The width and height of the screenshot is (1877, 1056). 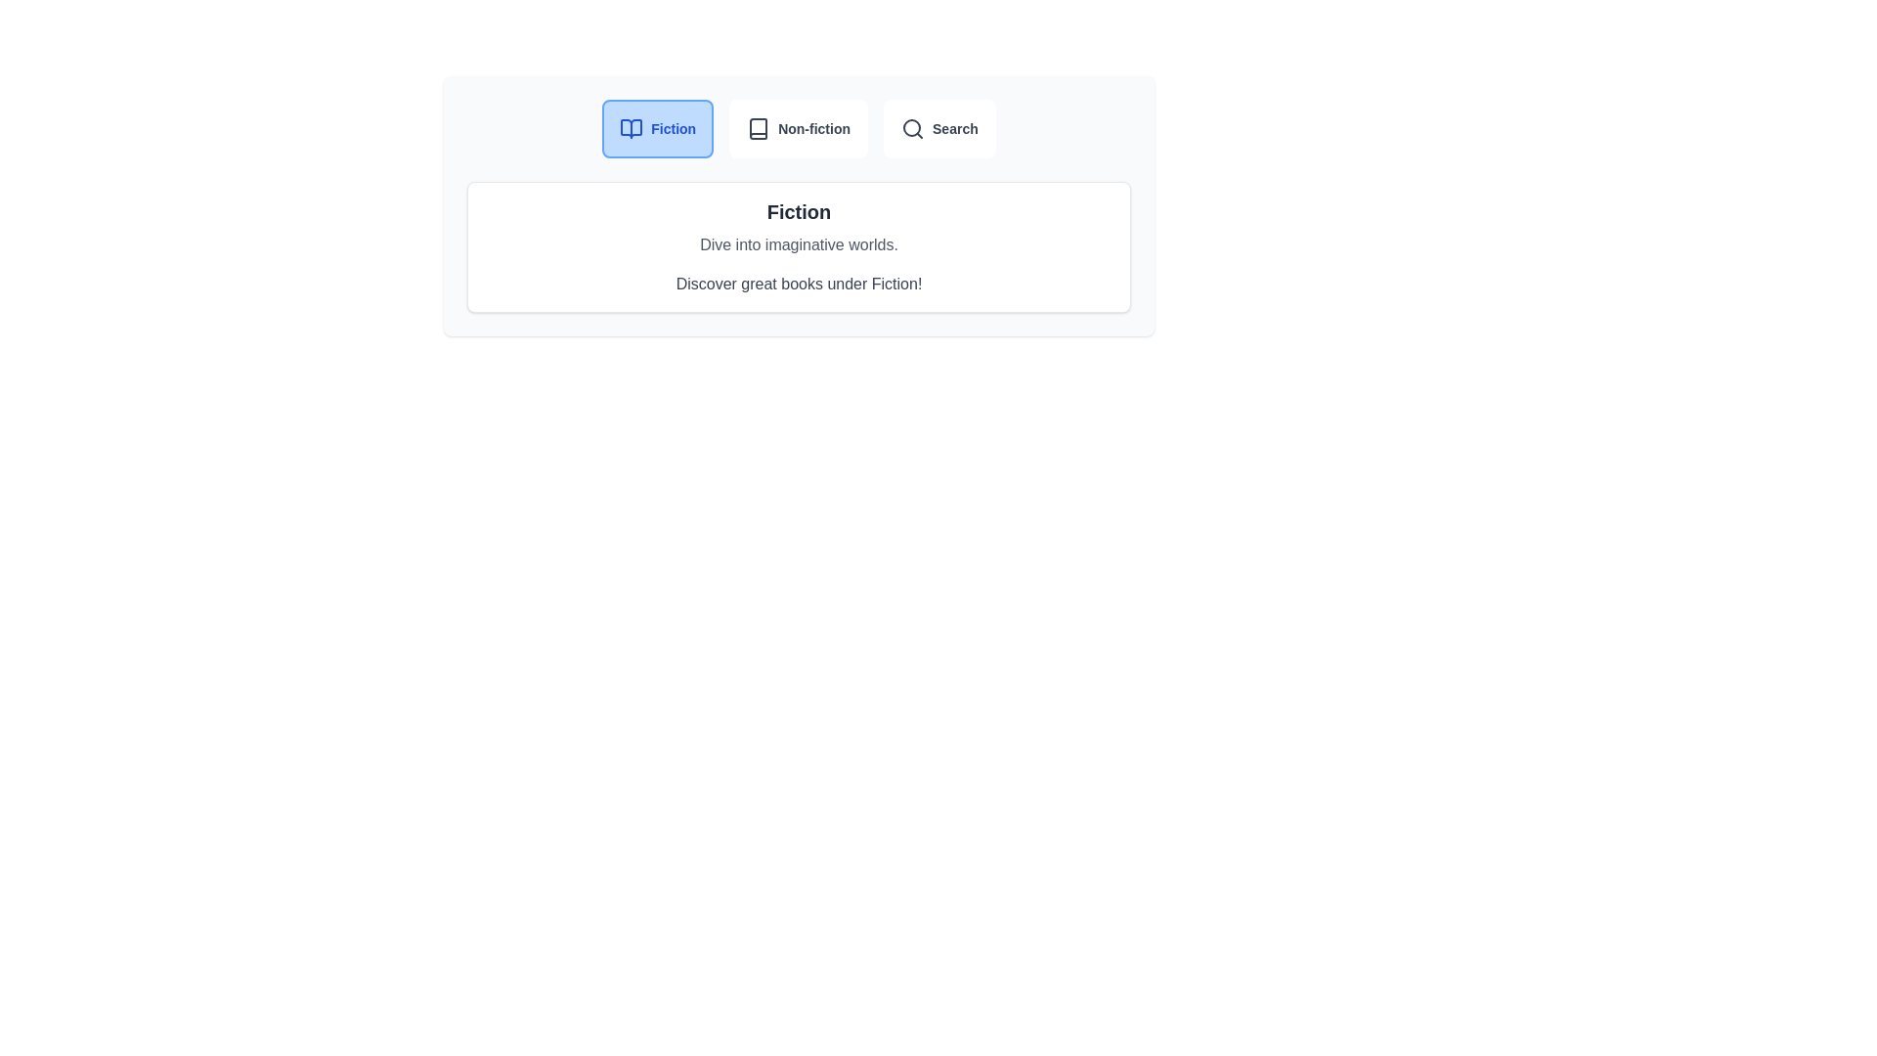 I want to click on the rounded rectangular button with a light blue background and blue borders that contains a blue book icon and the text 'Fiction', so click(x=658, y=128).